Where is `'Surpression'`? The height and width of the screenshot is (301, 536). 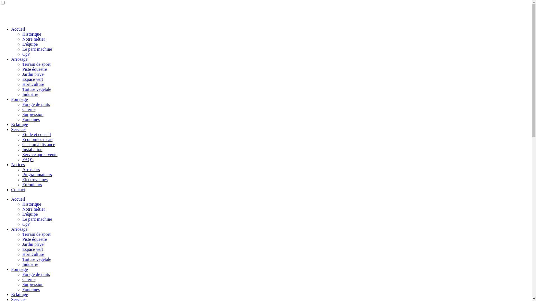
'Surpression' is located at coordinates (33, 114).